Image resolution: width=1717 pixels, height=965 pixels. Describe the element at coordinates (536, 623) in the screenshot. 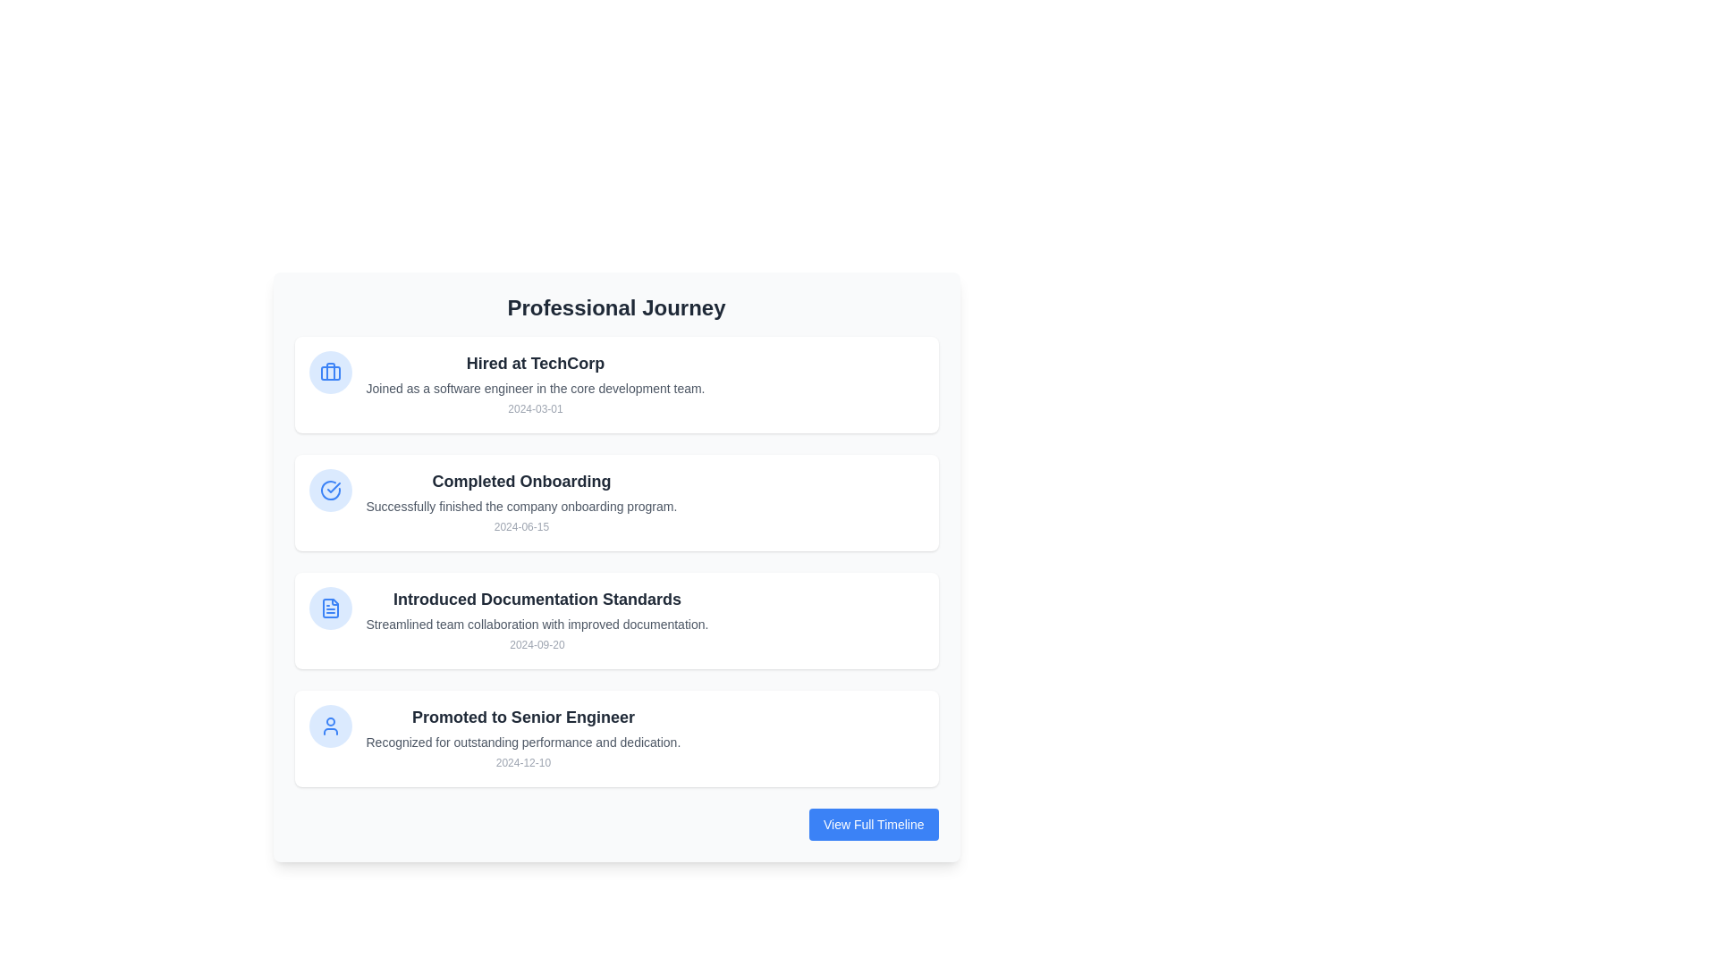

I see `text of the Text block that contains the description 'Streamlined team collaboration with improved documentation.' positioned below the heading 'Introduced Documentation Standards.'` at that location.